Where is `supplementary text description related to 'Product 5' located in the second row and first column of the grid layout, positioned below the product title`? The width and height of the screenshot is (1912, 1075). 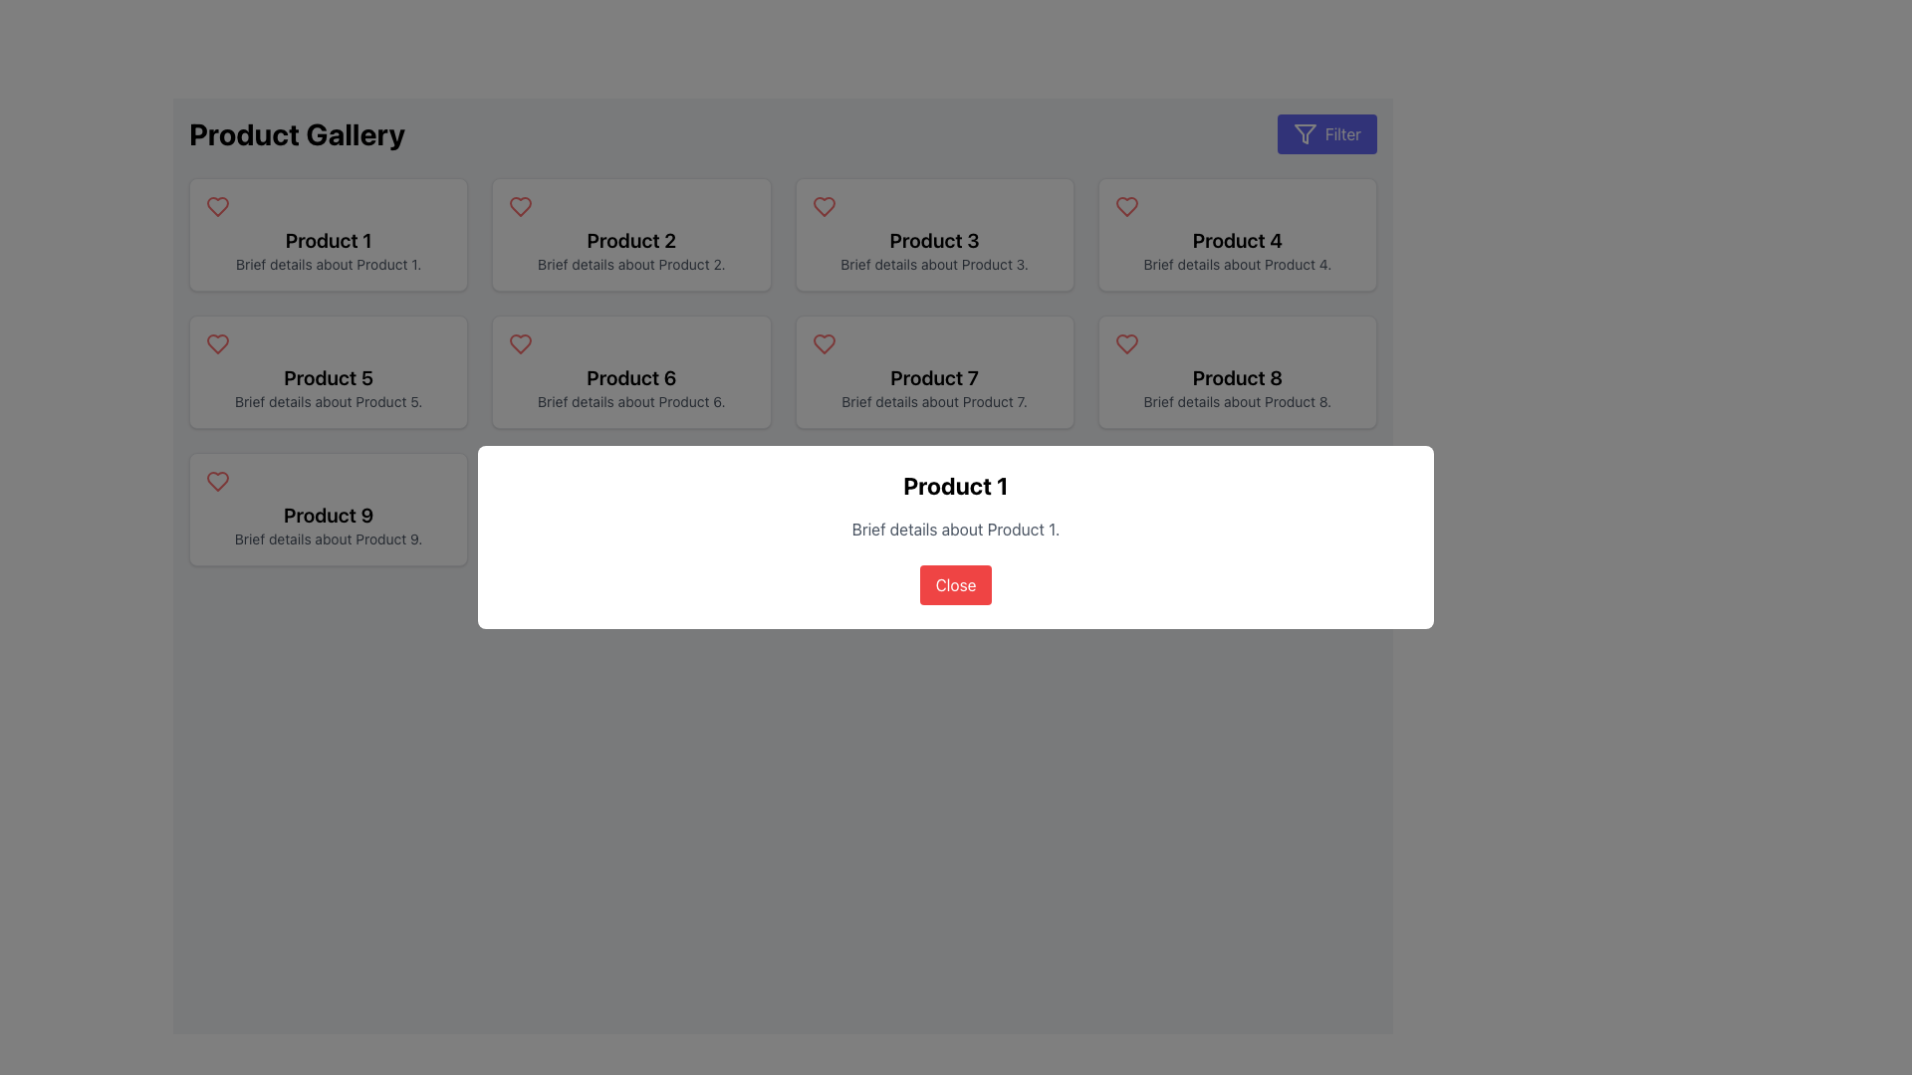 supplementary text description related to 'Product 5' located in the second row and first column of the grid layout, positioned below the product title is located at coordinates (329, 402).